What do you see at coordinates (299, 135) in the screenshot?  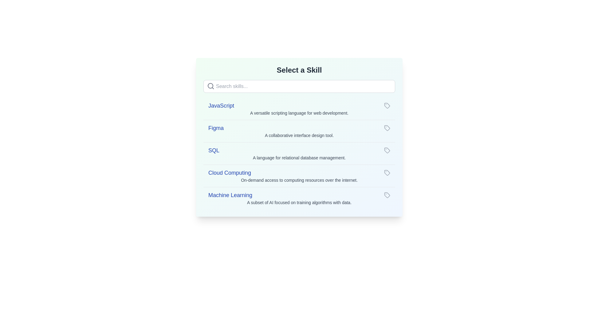 I see `the static text label displaying 'A collaborative interface design tool.' located below the 'Figma' label in the vertical list` at bounding box center [299, 135].